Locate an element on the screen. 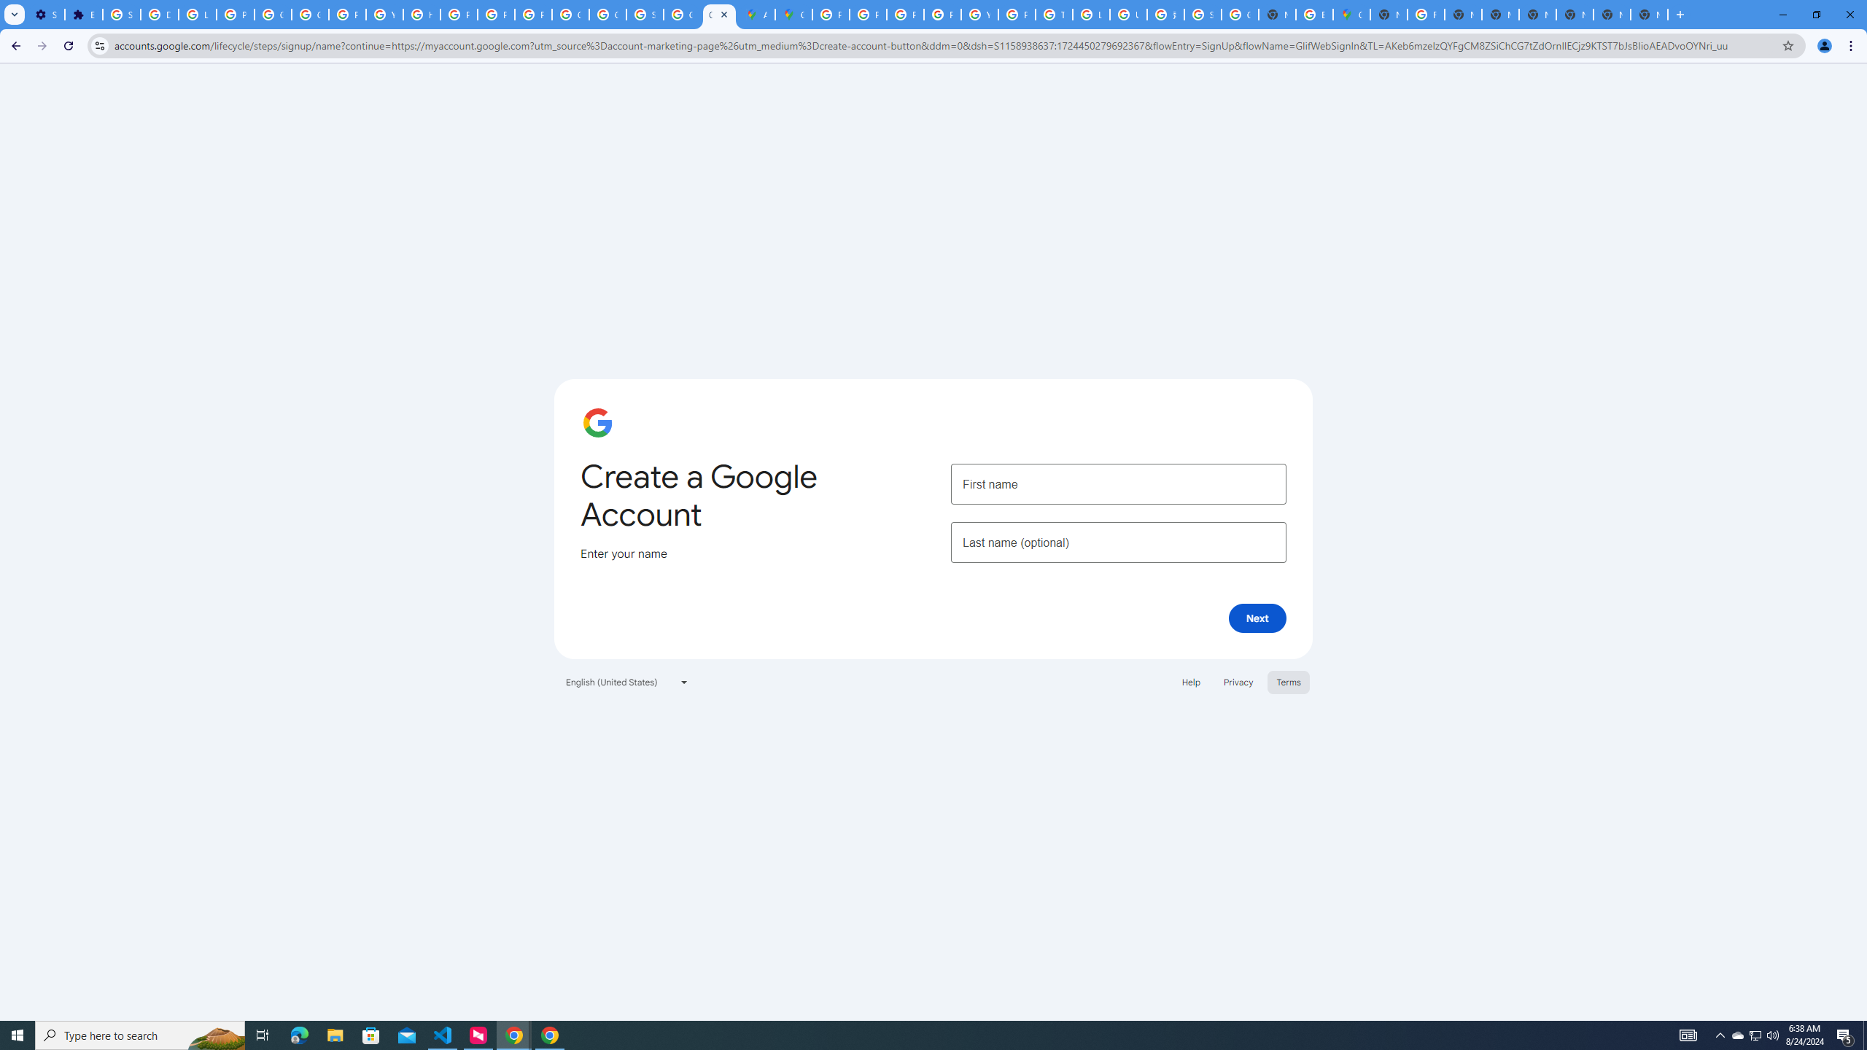 The width and height of the screenshot is (1867, 1050). 'Google Account Help' is located at coordinates (310, 14).